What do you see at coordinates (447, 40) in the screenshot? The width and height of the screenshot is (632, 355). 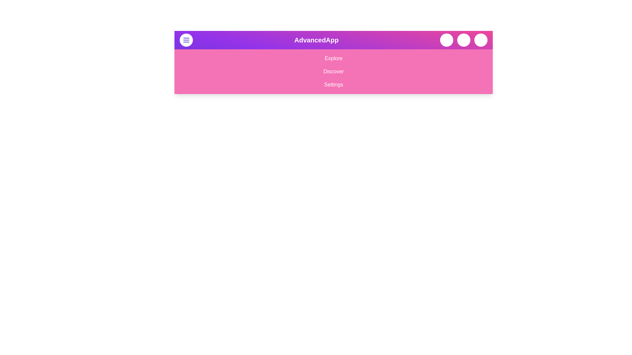 I see `the search icon to activate the search function` at bounding box center [447, 40].